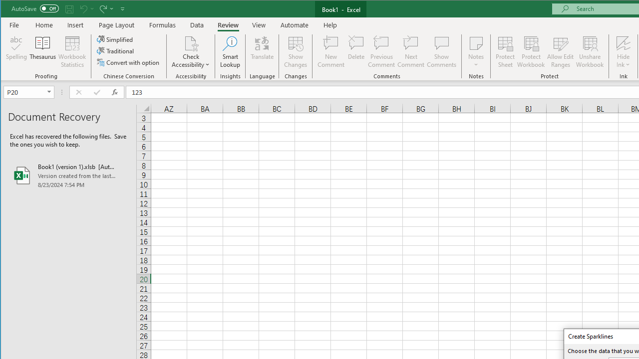 The image size is (639, 359). Describe the element at coordinates (381, 52) in the screenshot. I see `'Previous Comment'` at that location.